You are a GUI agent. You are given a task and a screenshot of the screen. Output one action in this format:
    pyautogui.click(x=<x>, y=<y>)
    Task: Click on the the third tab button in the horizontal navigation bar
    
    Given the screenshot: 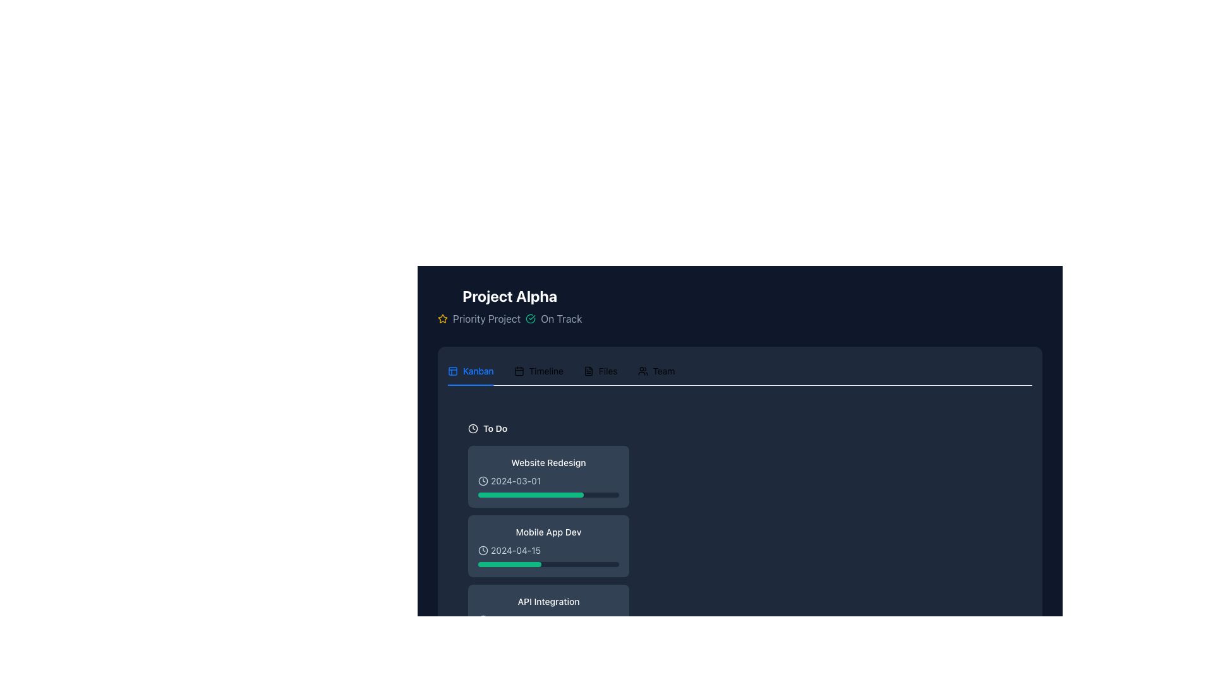 What is the action you would take?
    pyautogui.click(x=600, y=370)
    